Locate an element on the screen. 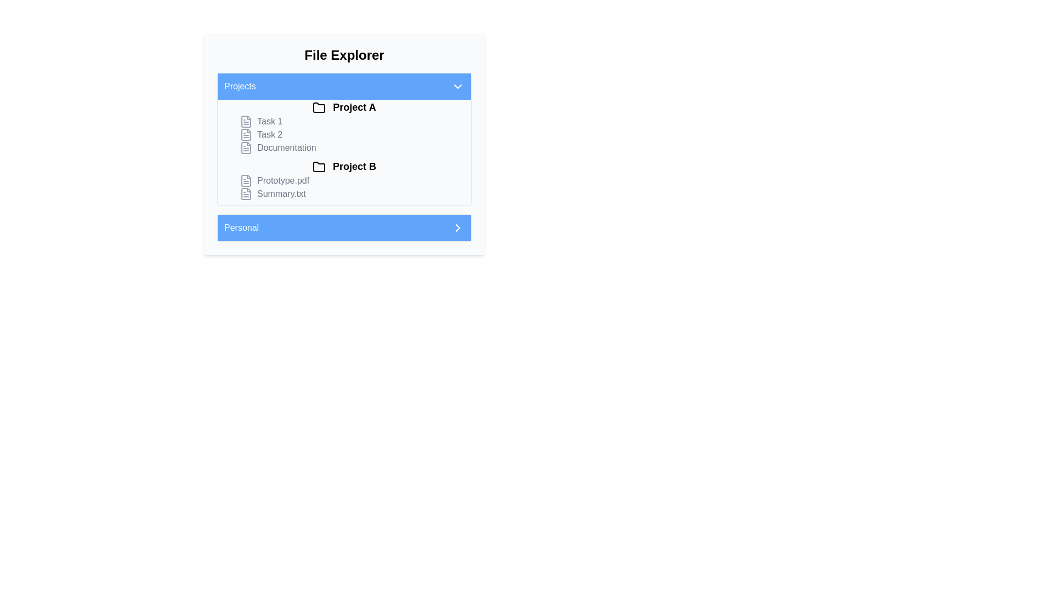  the text label displaying the title 'Project B' is located at coordinates (344, 167).